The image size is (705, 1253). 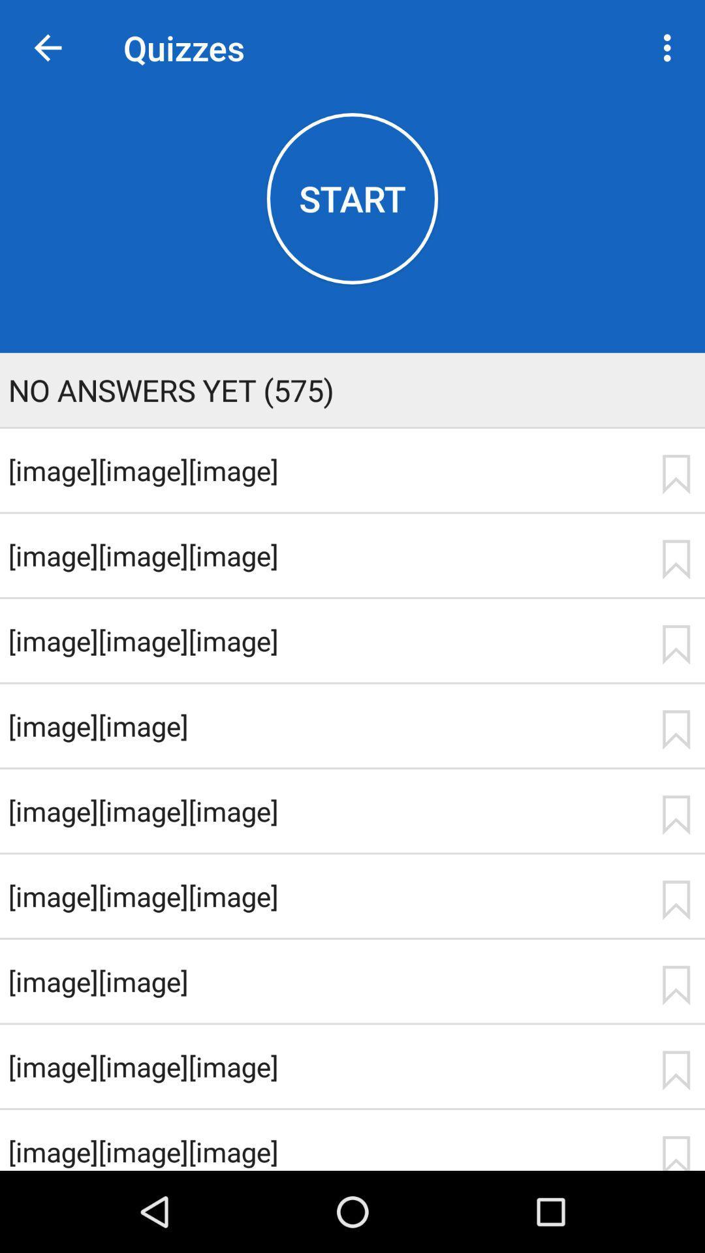 What do you see at coordinates (676, 899) in the screenshot?
I see `bookmark` at bounding box center [676, 899].